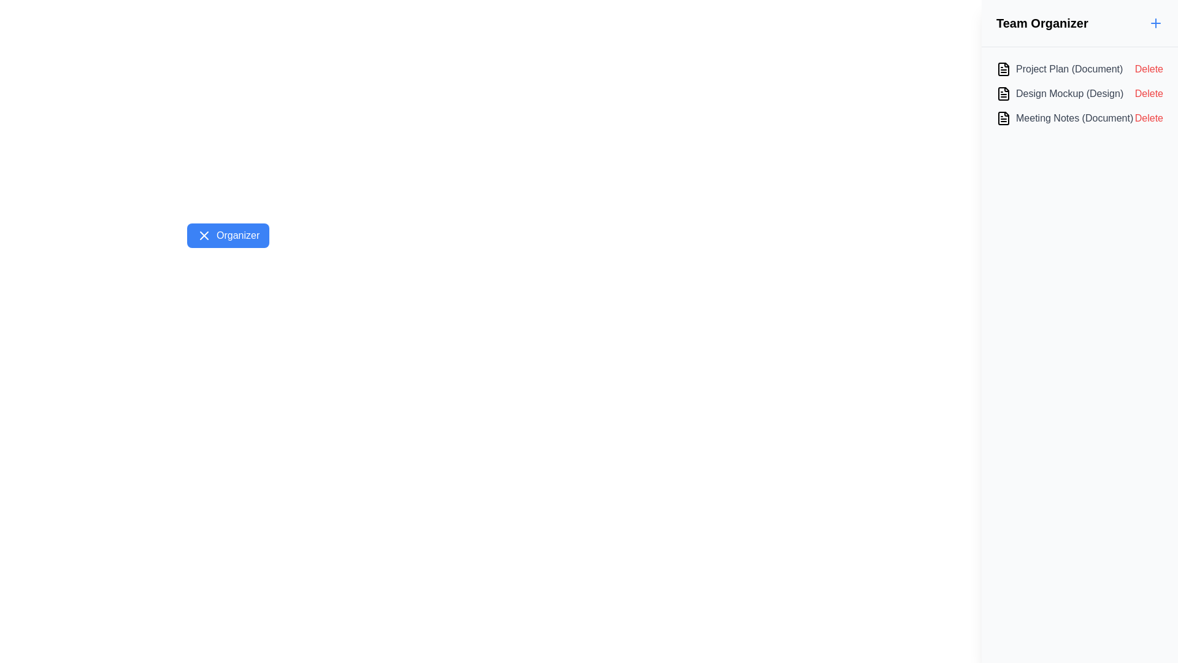 The image size is (1178, 663). What do you see at coordinates (204, 236) in the screenshot?
I see `the cross-shaped close button located on the left side of the 'Organizer' button` at bounding box center [204, 236].